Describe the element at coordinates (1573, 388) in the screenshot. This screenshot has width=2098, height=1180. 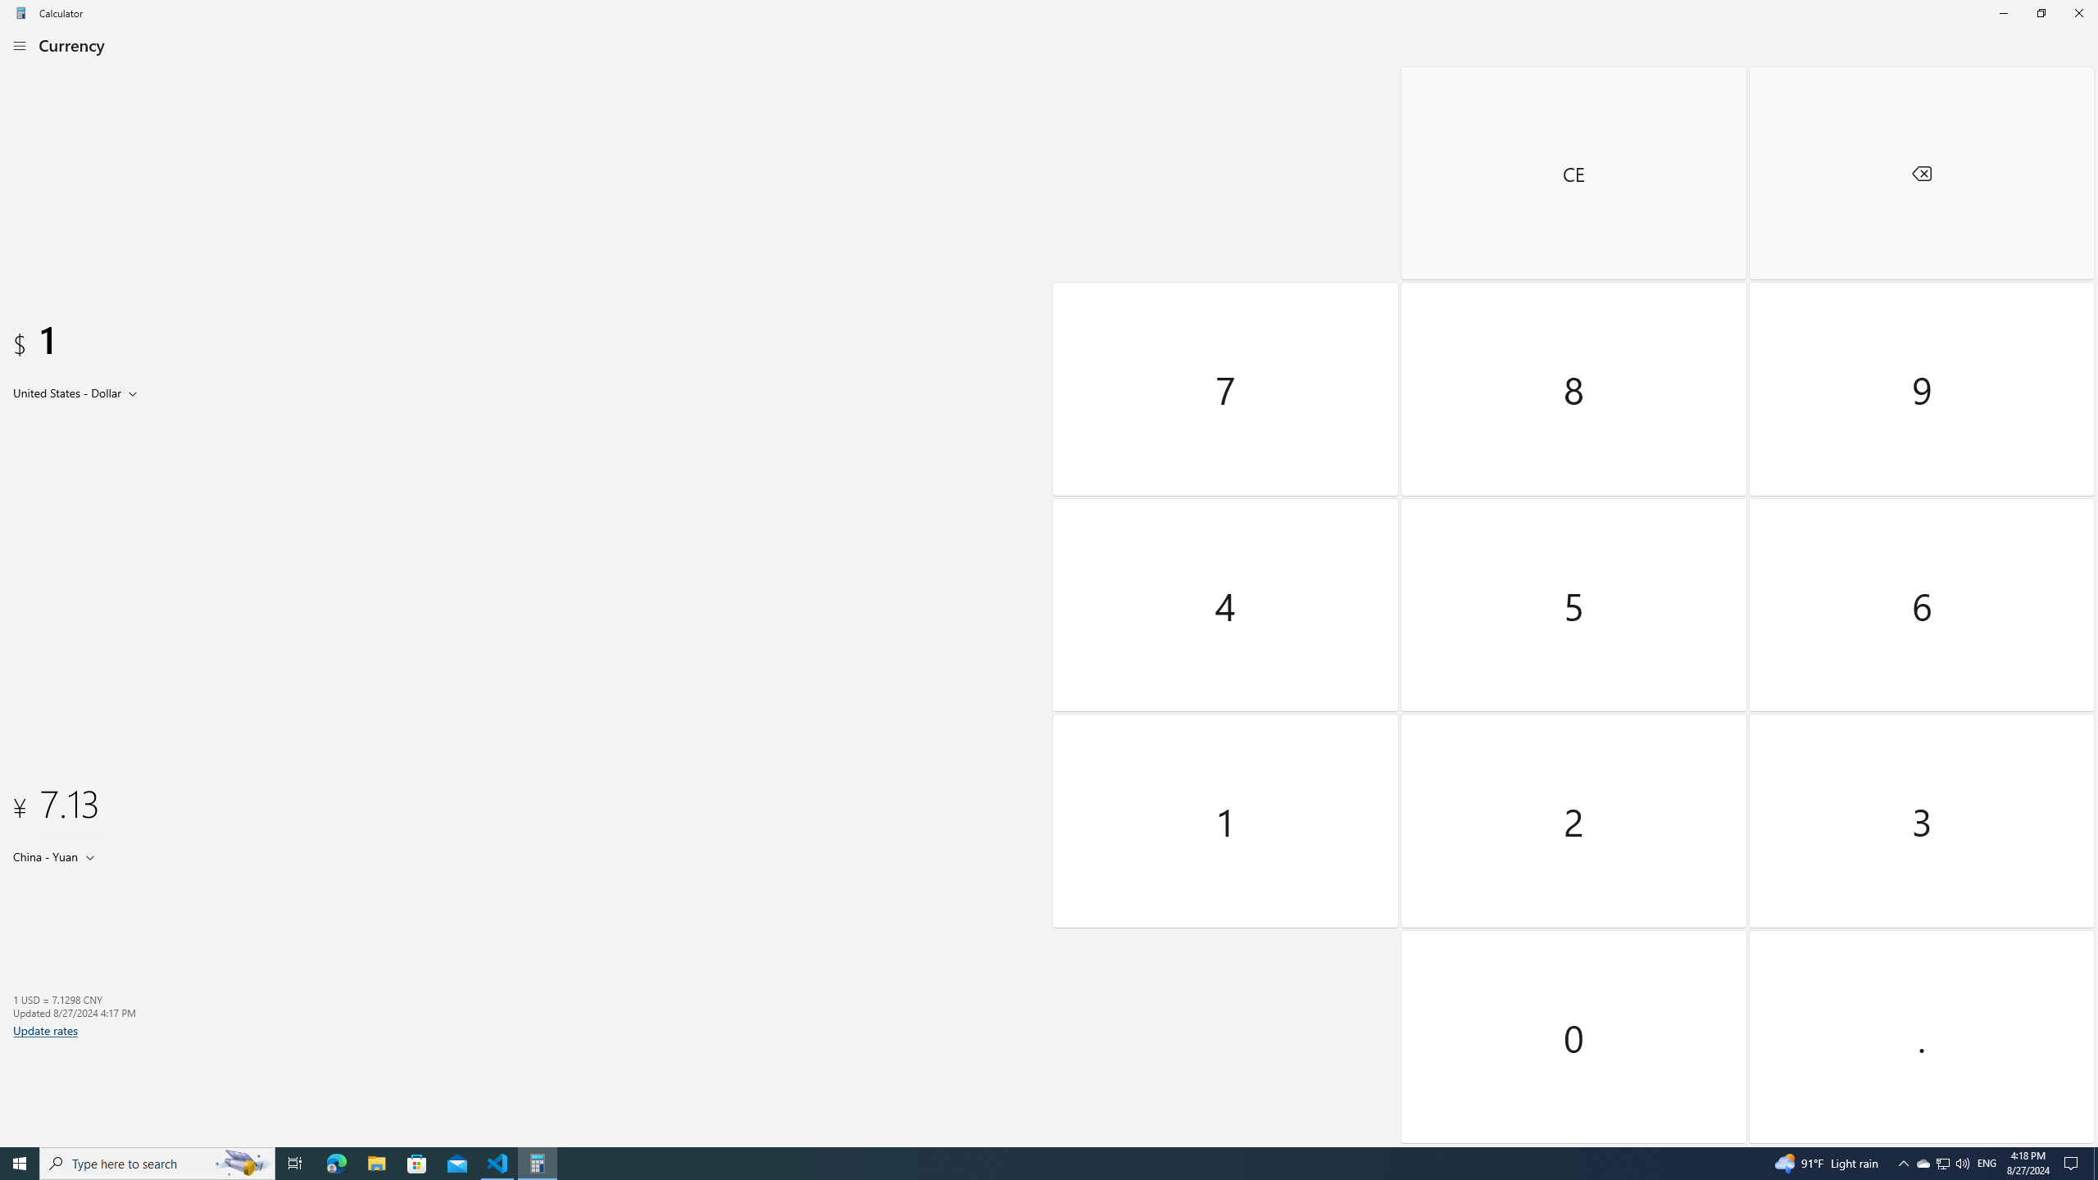
I see `'Eight'` at that location.